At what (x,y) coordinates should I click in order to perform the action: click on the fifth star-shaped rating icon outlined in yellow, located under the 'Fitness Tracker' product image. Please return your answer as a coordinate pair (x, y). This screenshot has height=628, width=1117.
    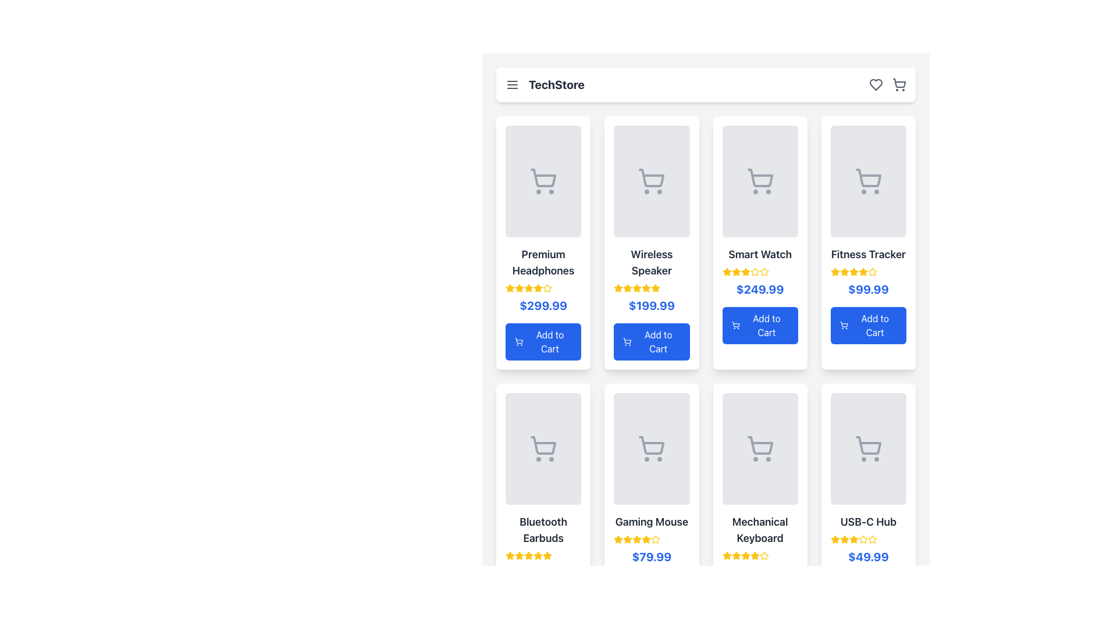
    Looking at the image, I should click on (872, 272).